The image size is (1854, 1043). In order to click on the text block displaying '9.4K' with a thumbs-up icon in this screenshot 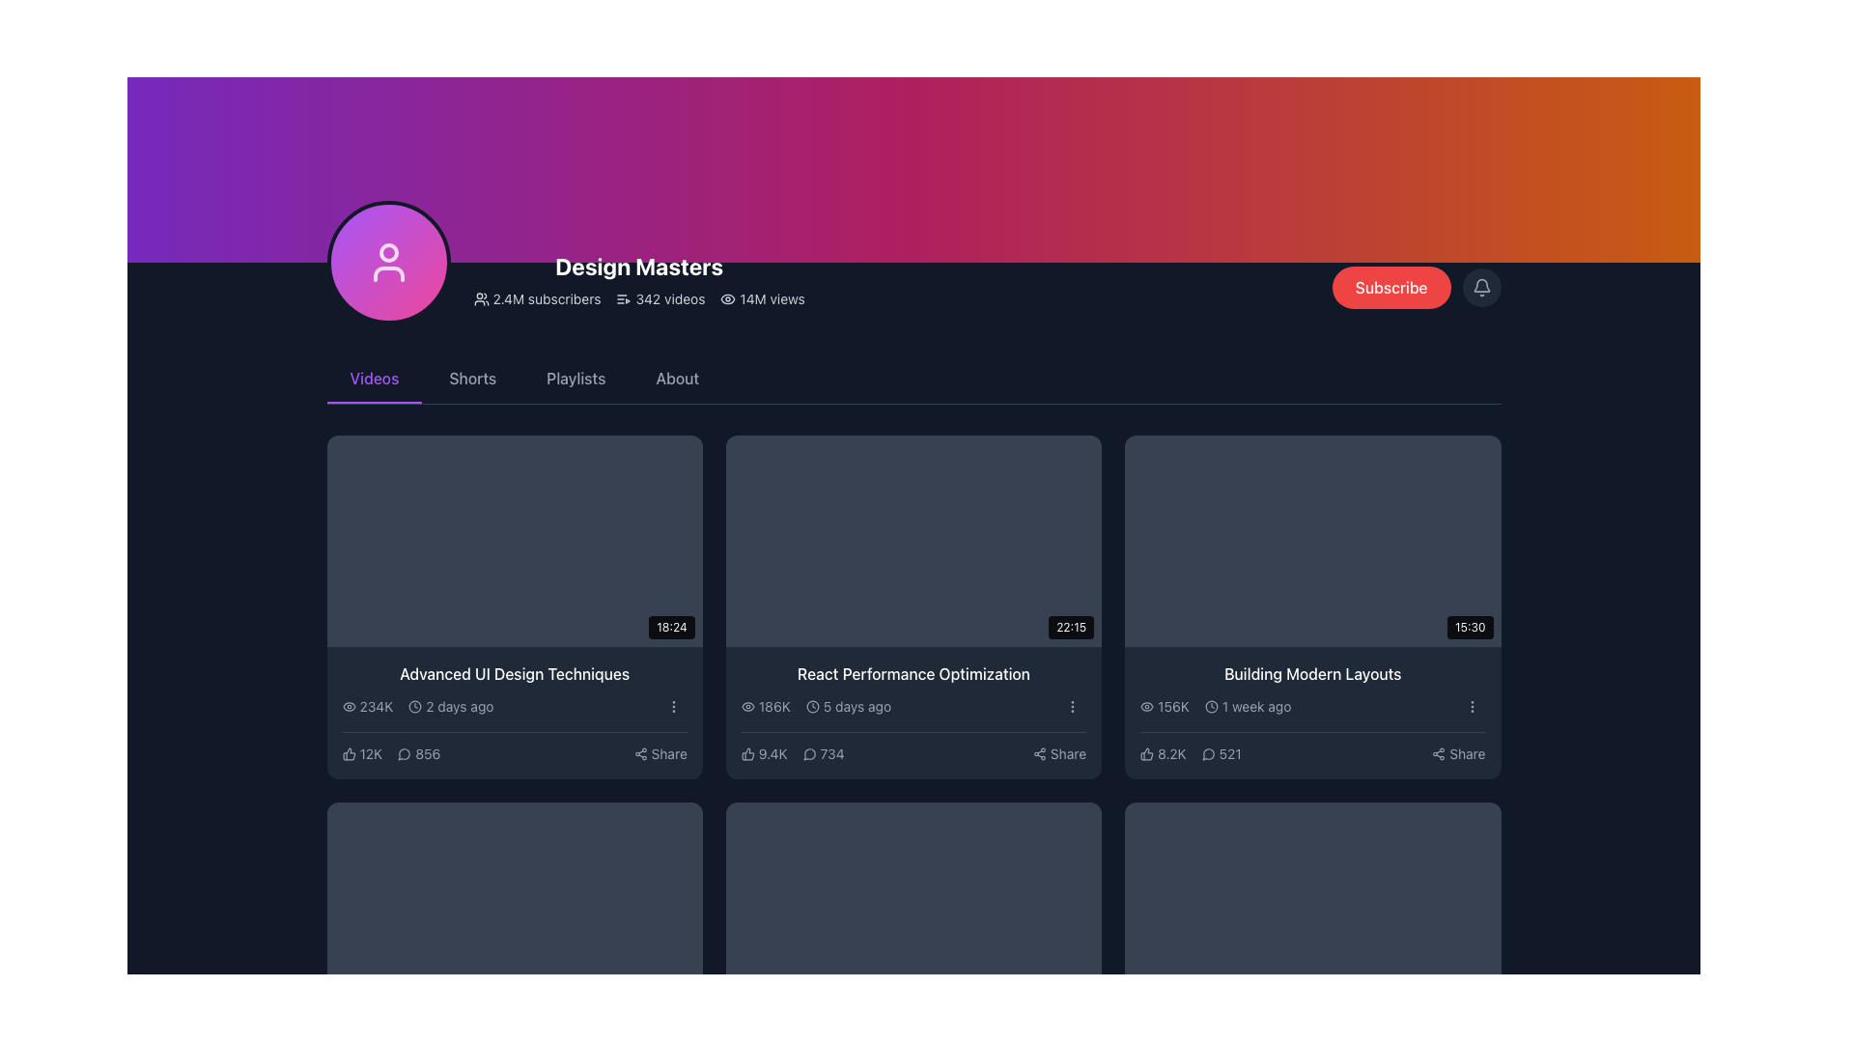, I will do `click(763, 752)`.